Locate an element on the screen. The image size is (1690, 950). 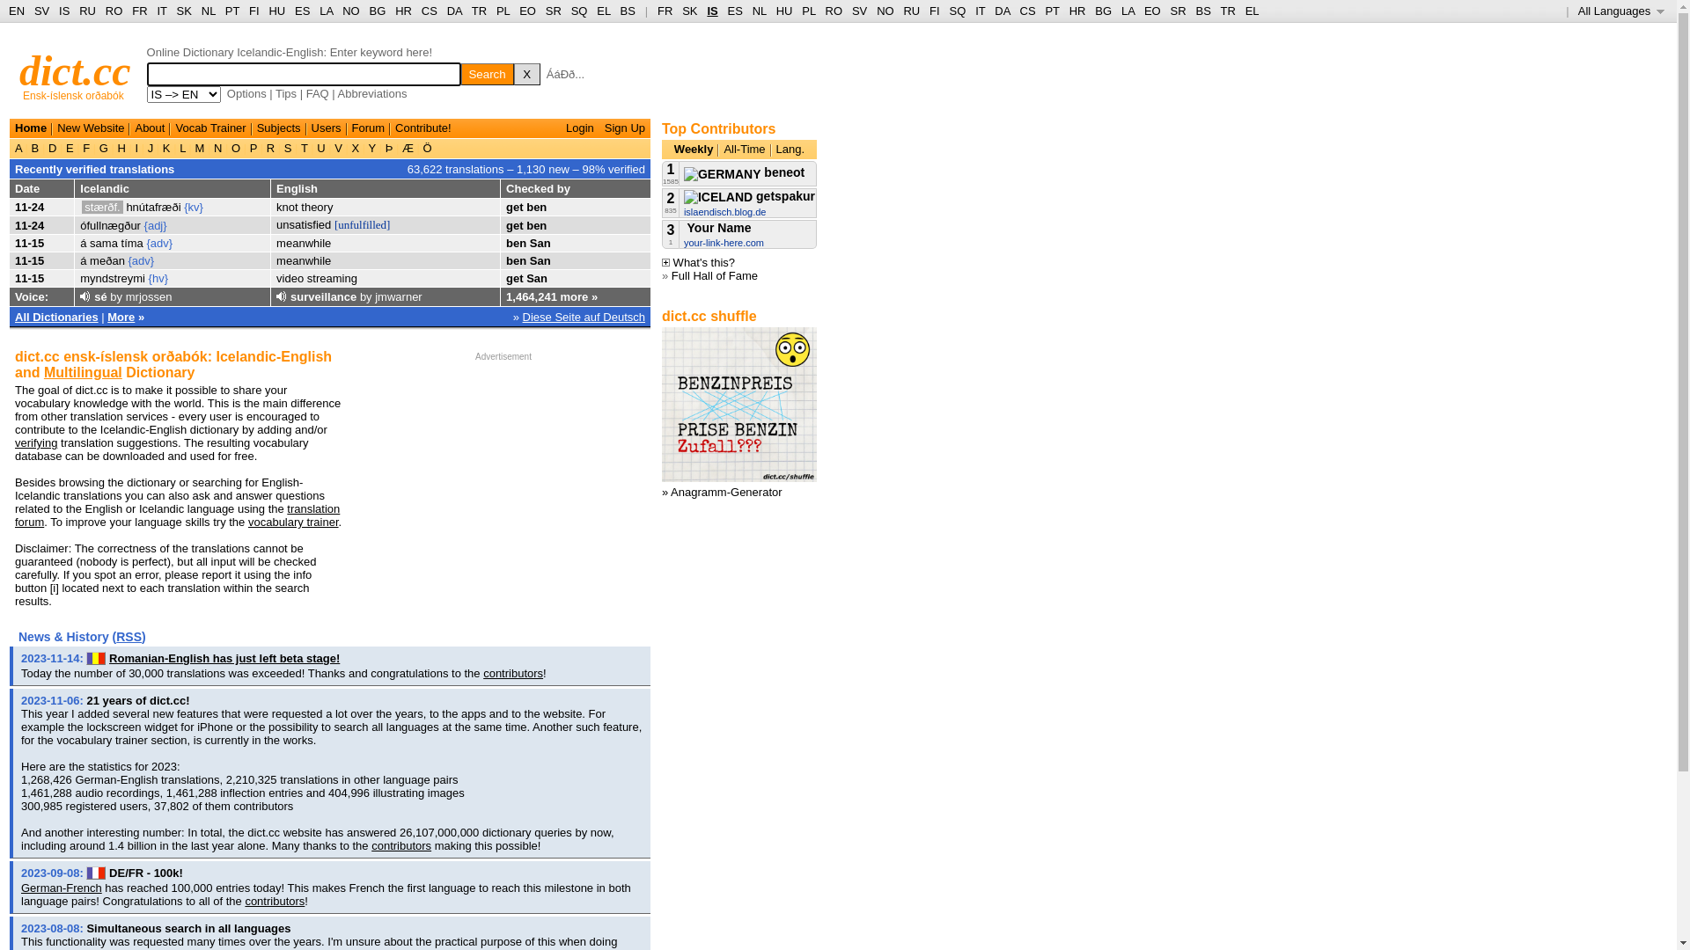
'11-24' is located at coordinates (29, 206).